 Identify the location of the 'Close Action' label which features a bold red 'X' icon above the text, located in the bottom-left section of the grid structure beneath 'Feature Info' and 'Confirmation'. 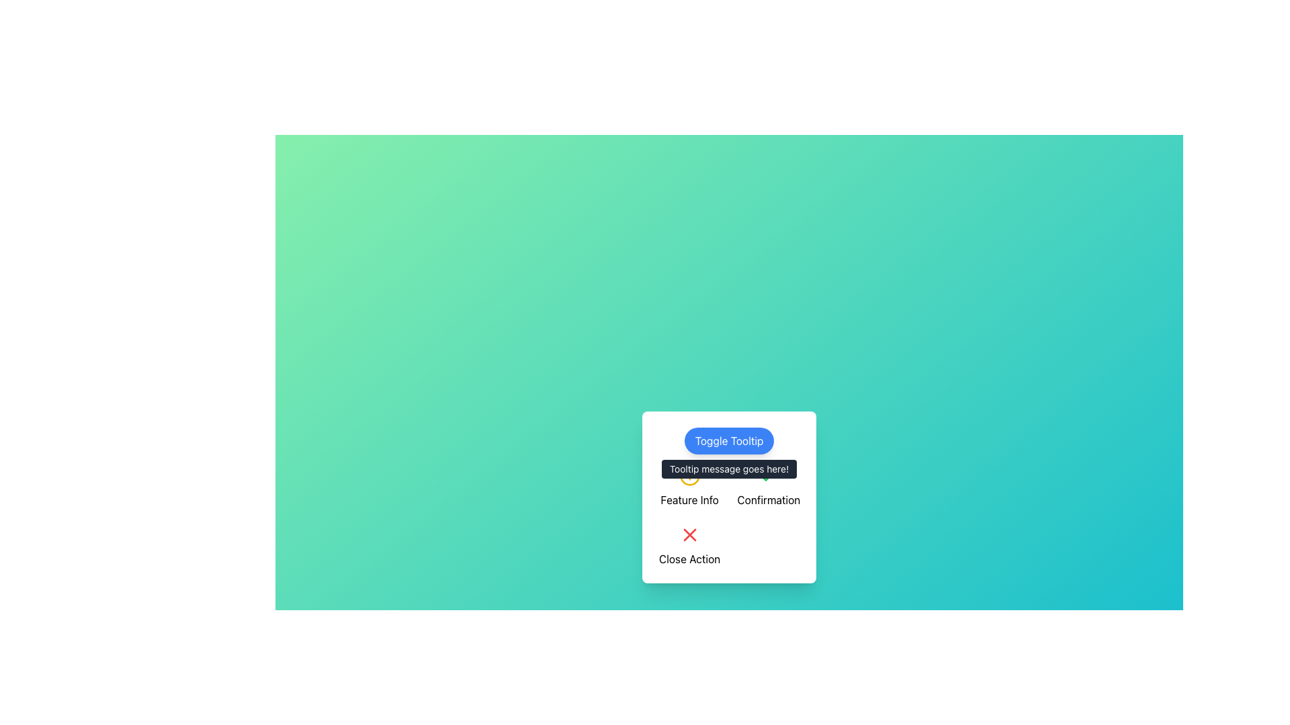
(689, 546).